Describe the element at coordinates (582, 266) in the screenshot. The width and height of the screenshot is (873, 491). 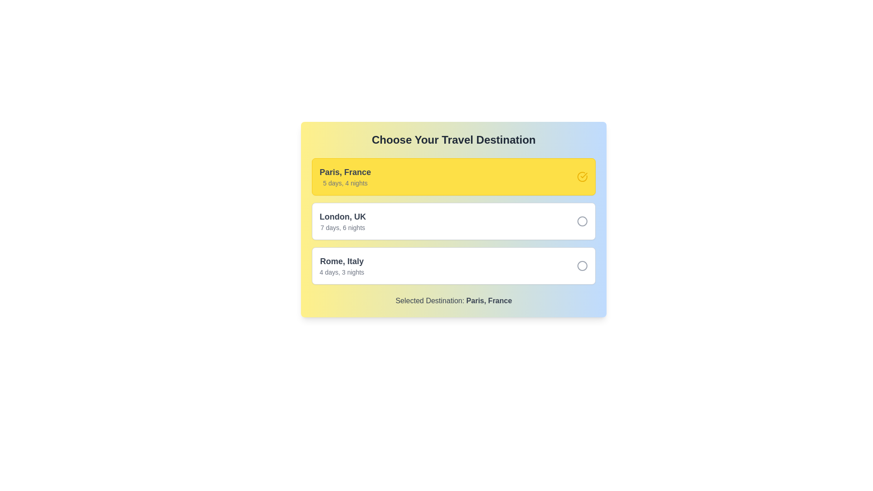
I see `the SVG circle outline icon located on the far right of the 'Rome, Italy' option in the travel destination selection interface` at that location.